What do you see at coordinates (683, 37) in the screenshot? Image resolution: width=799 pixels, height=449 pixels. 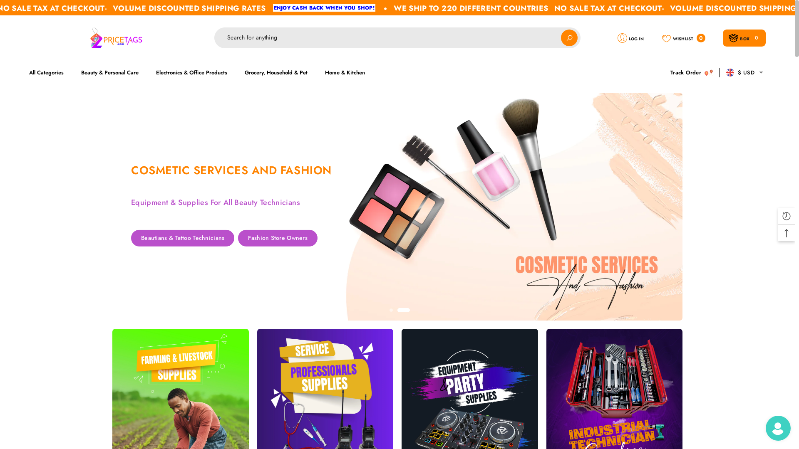 I see `'WISHLIST` at bounding box center [683, 37].